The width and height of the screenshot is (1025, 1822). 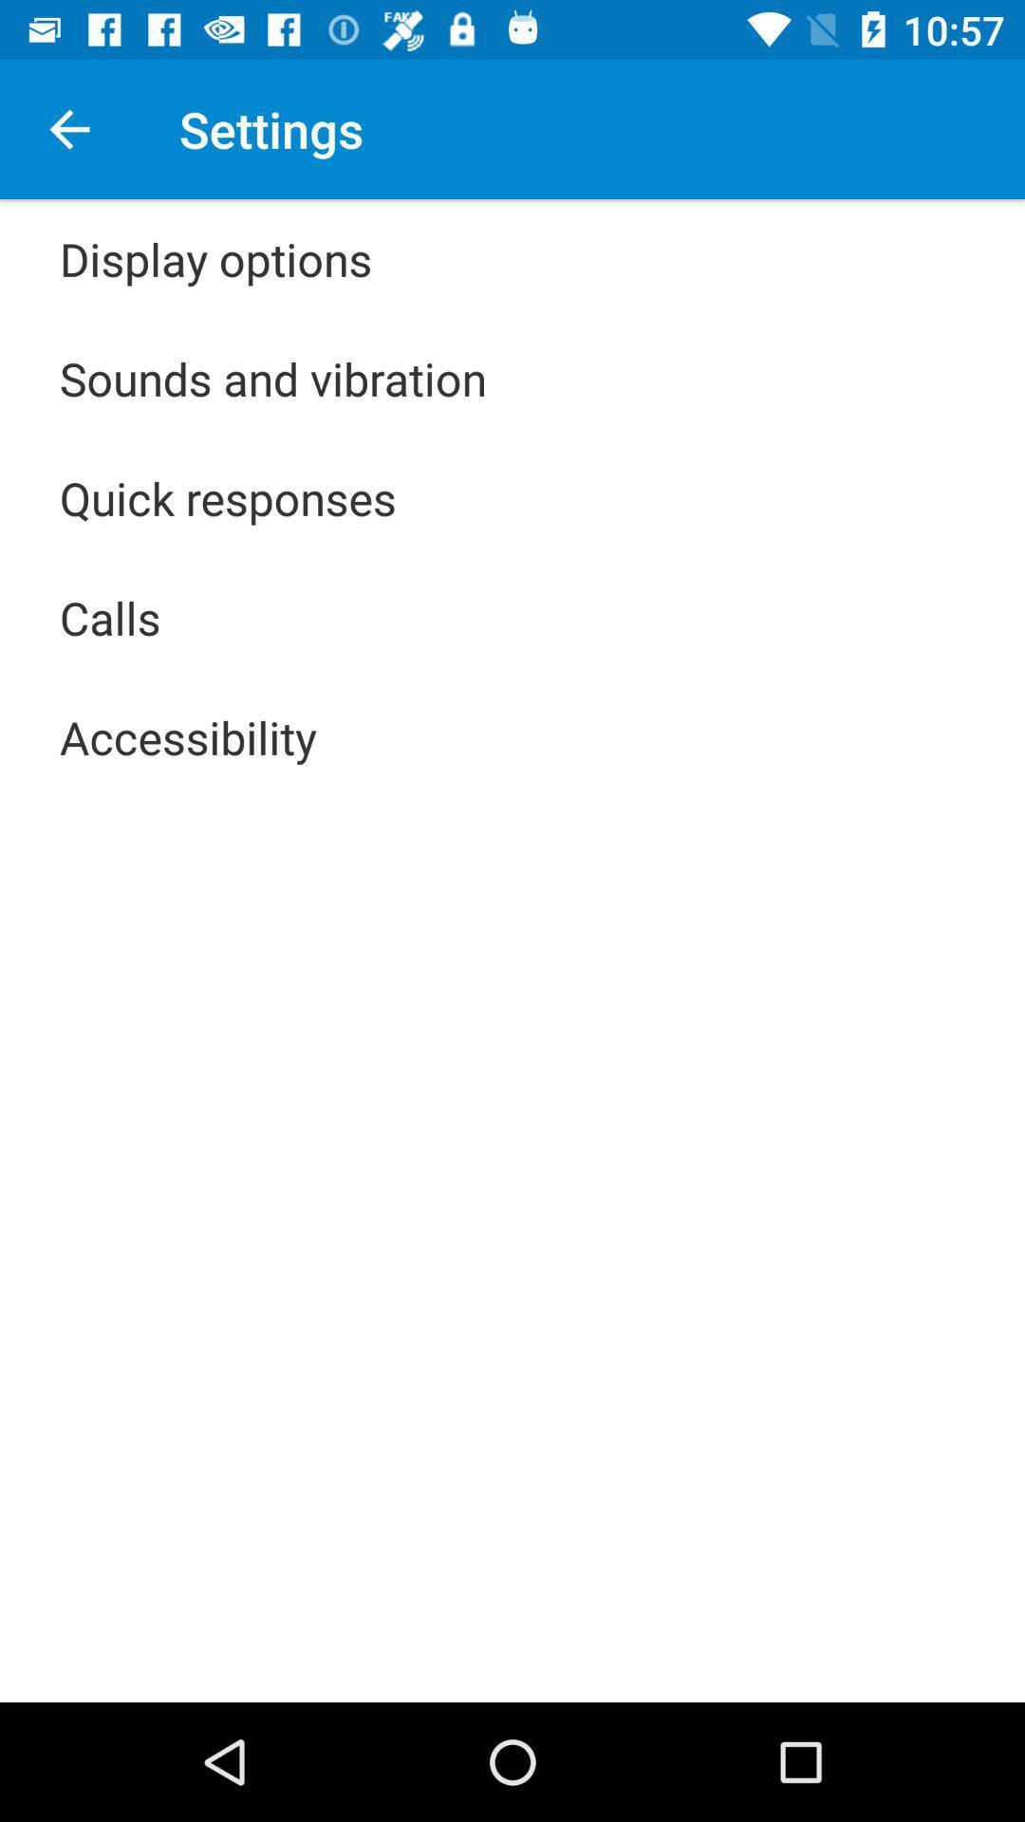 I want to click on sounds and vibration icon, so click(x=273, y=378).